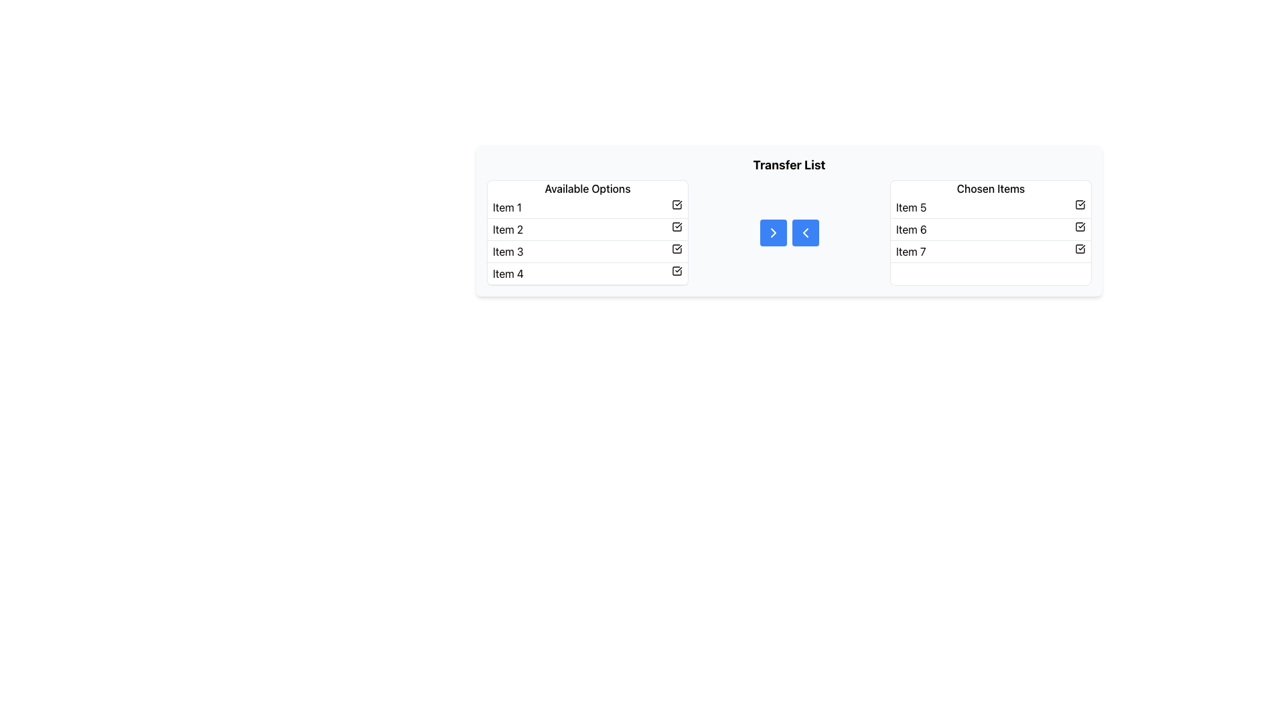  What do you see at coordinates (677, 204) in the screenshot?
I see `the checkbox for 'Item 1' in the 'Available Options' section` at bounding box center [677, 204].